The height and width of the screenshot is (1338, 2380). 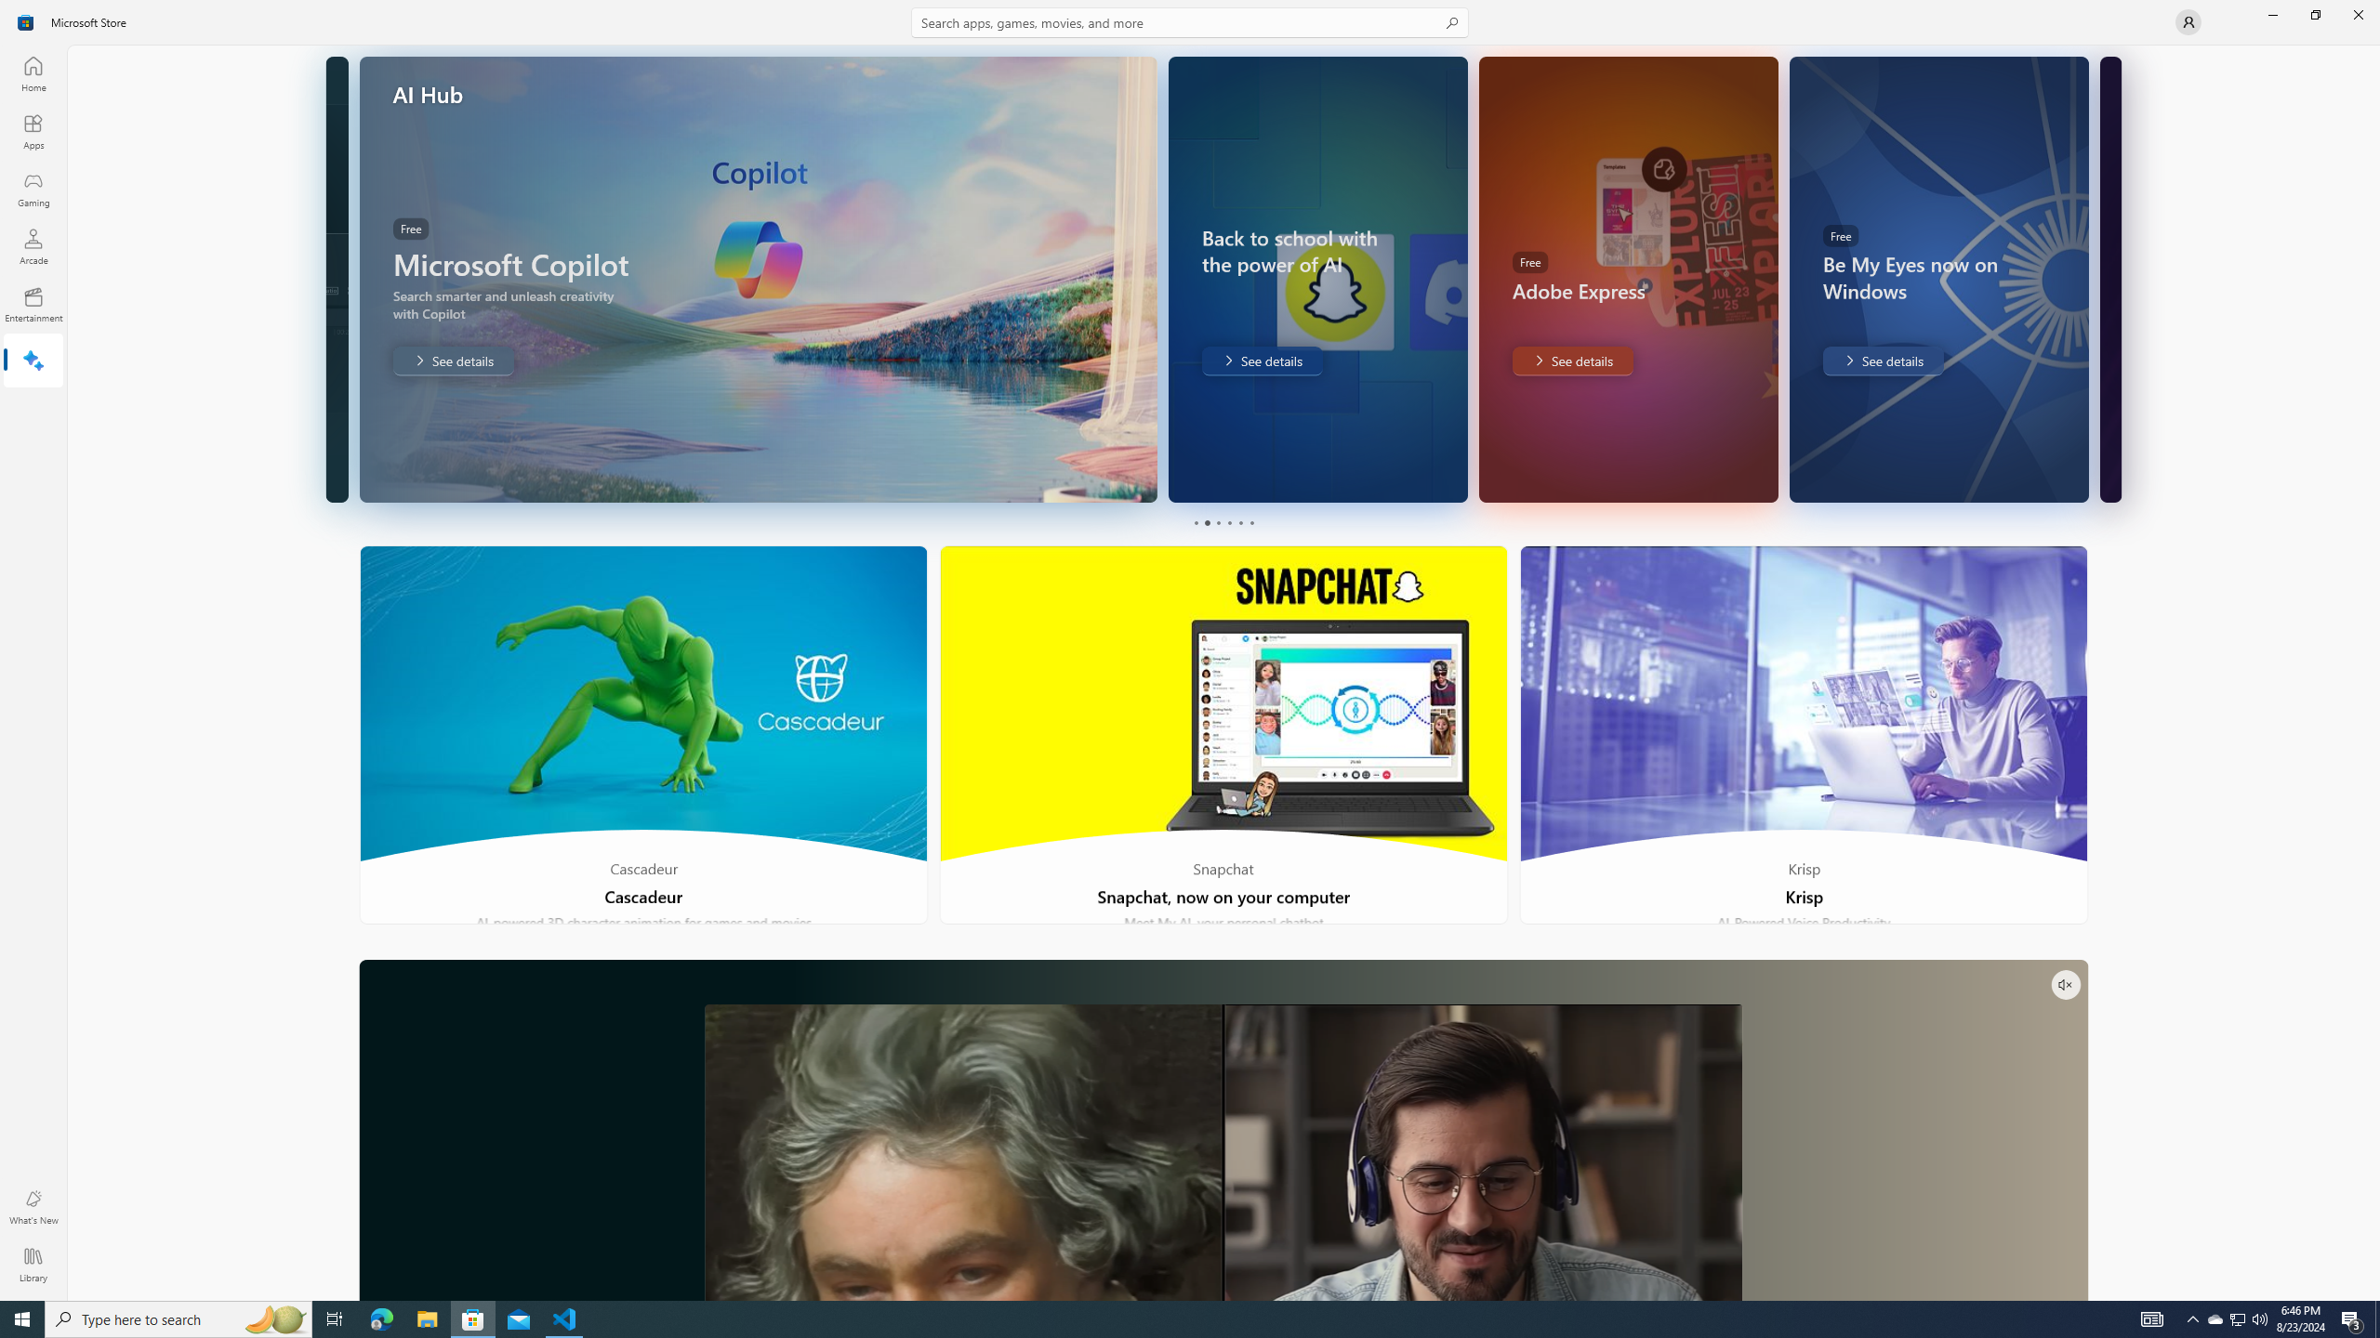 What do you see at coordinates (1205, 522) in the screenshot?
I see `'Page 2'` at bounding box center [1205, 522].